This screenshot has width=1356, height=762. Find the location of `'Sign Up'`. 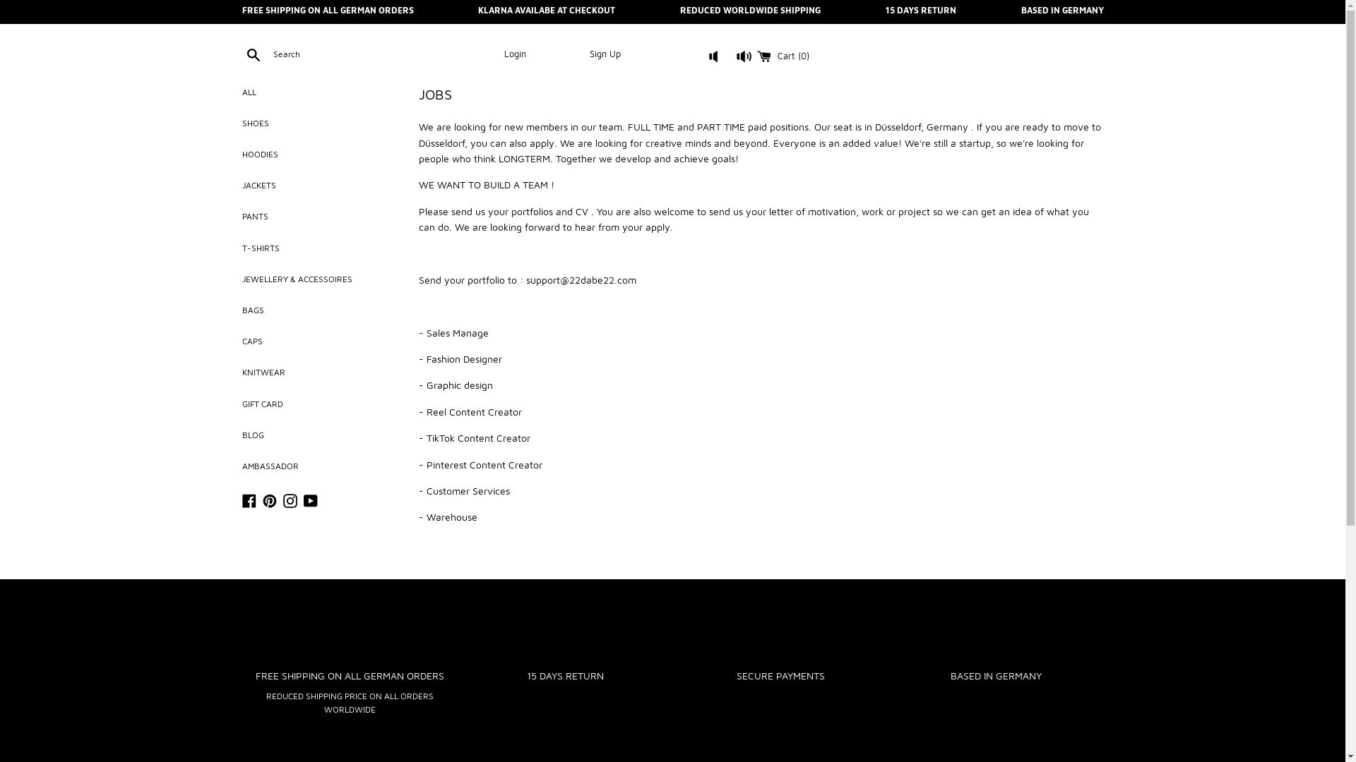

'Sign Up' is located at coordinates (605, 53).